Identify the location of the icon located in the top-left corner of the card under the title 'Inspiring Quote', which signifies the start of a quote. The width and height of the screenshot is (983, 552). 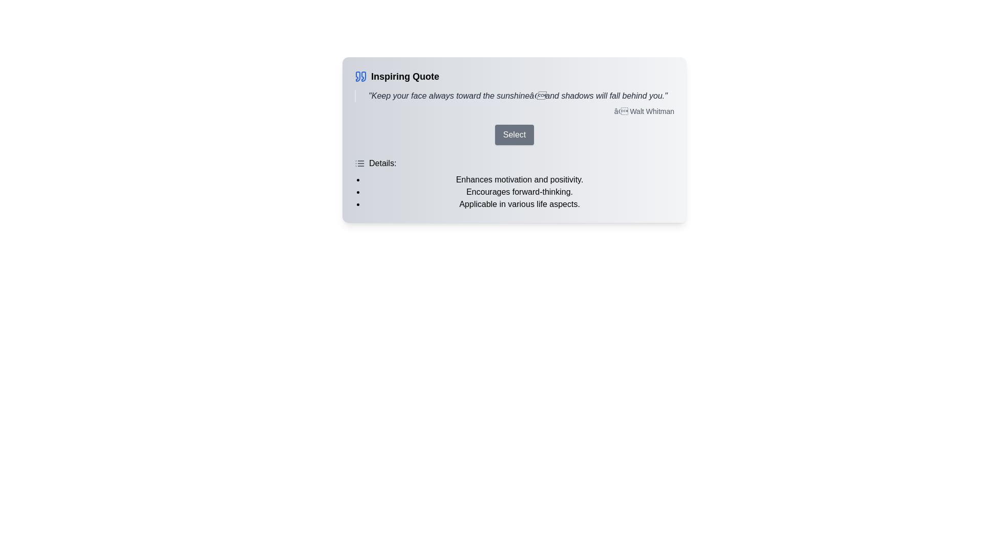
(358, 76).